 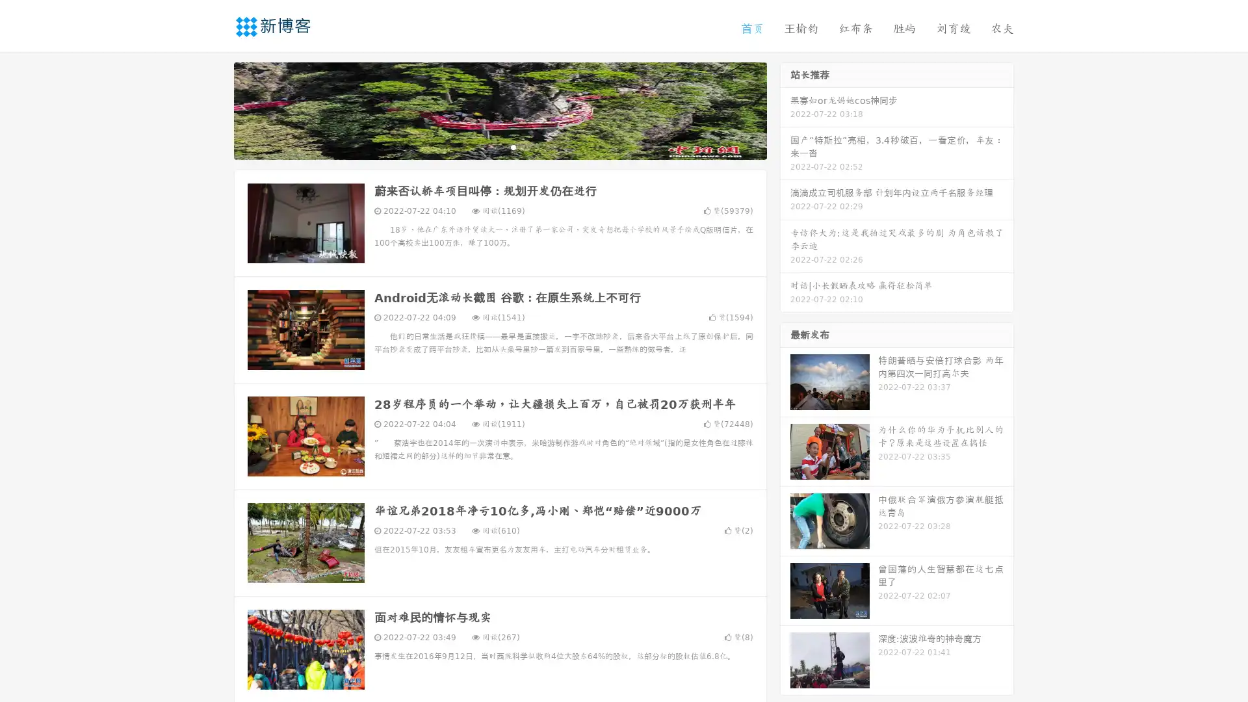 I want to click on Go to slide 3, so click(x=513, y=146).